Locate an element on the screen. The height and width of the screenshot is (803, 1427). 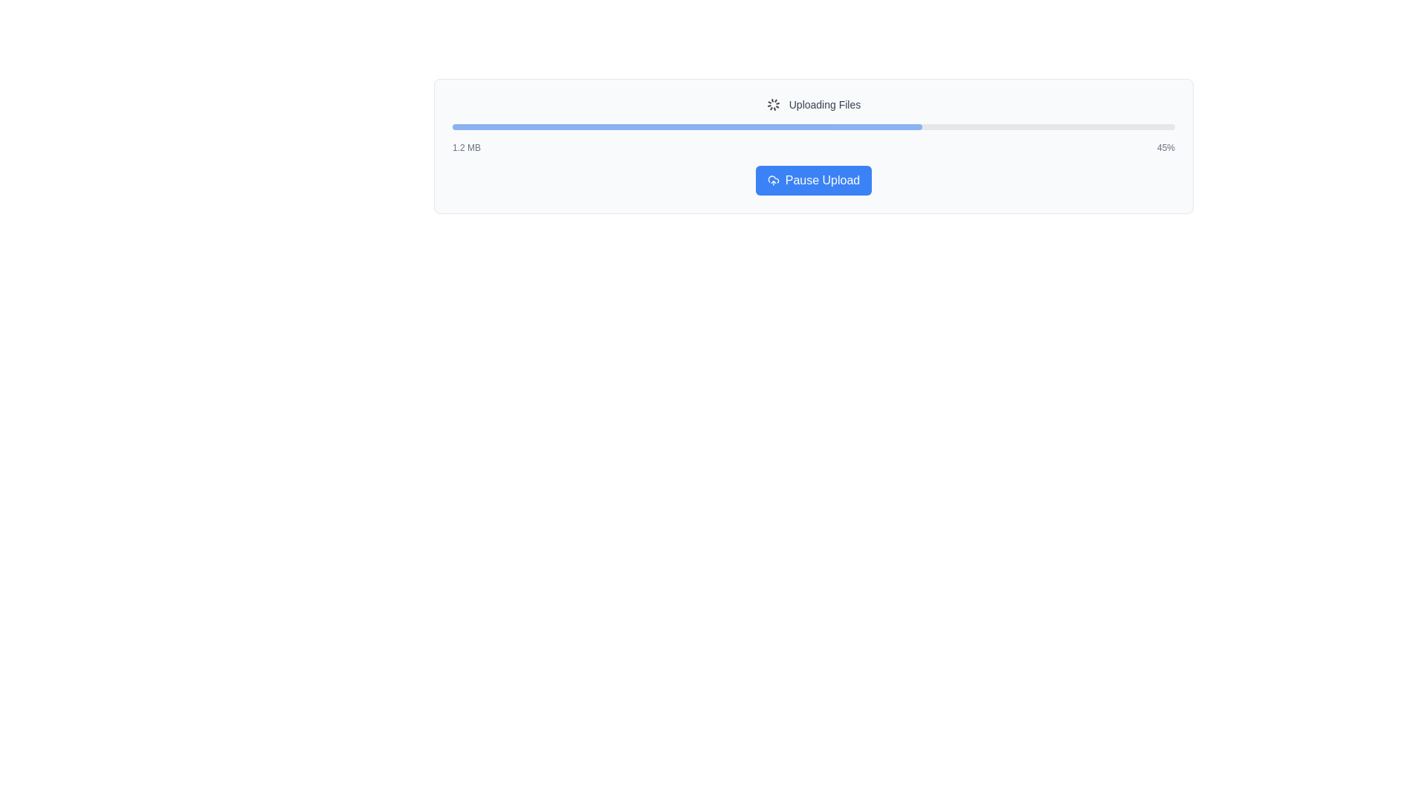
the upload icon located at the top center of the 'Pause Upload' button is located at coordinates (773, 180).